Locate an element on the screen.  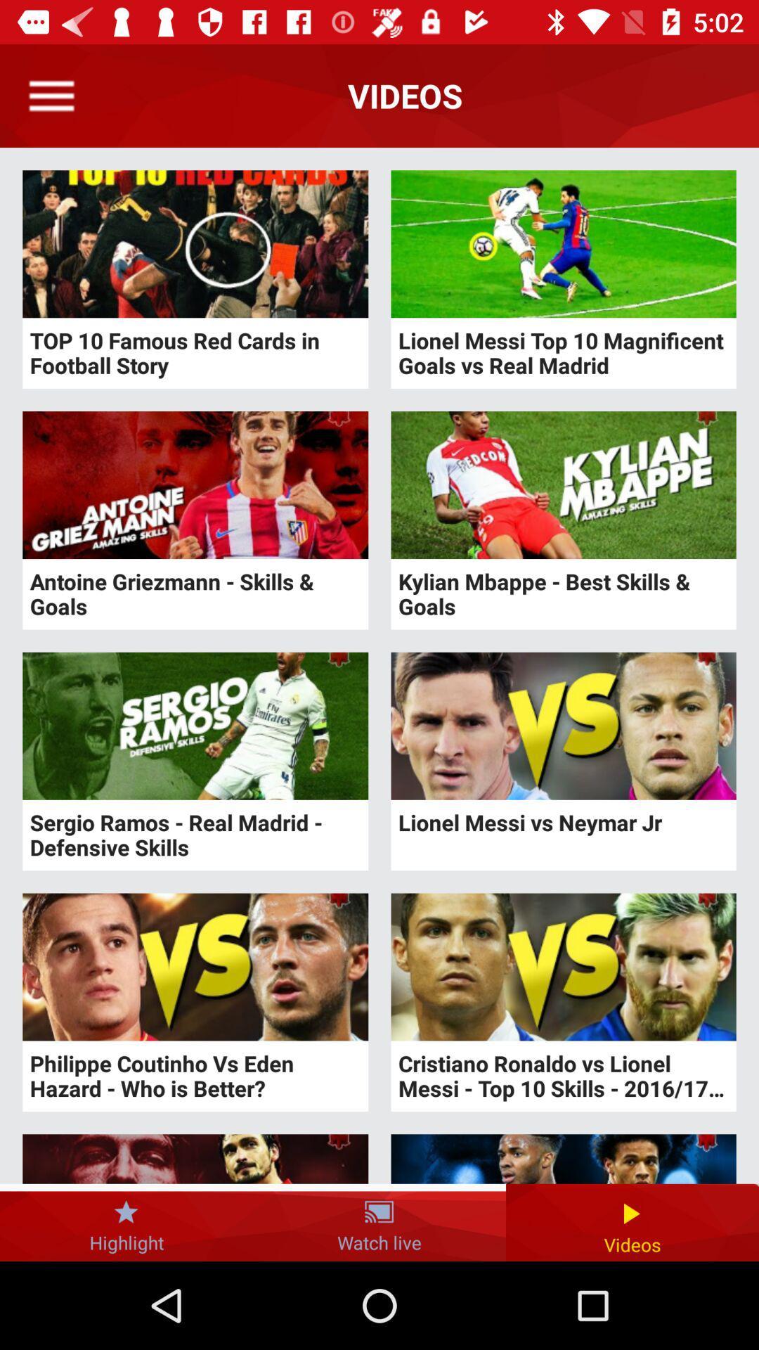
open menu option is located at coordinates (51, 95).